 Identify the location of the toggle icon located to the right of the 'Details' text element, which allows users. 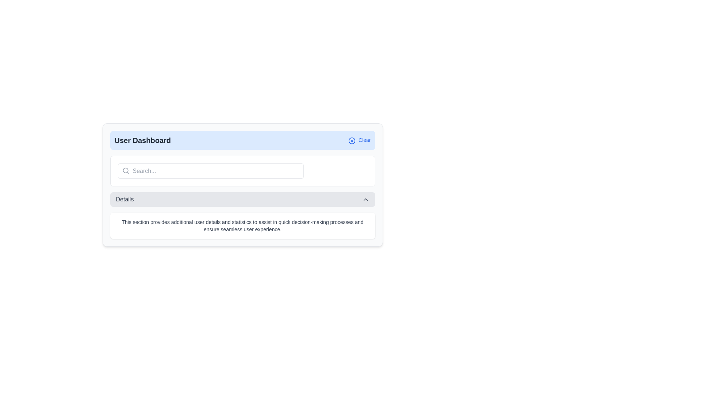
(365, 200).